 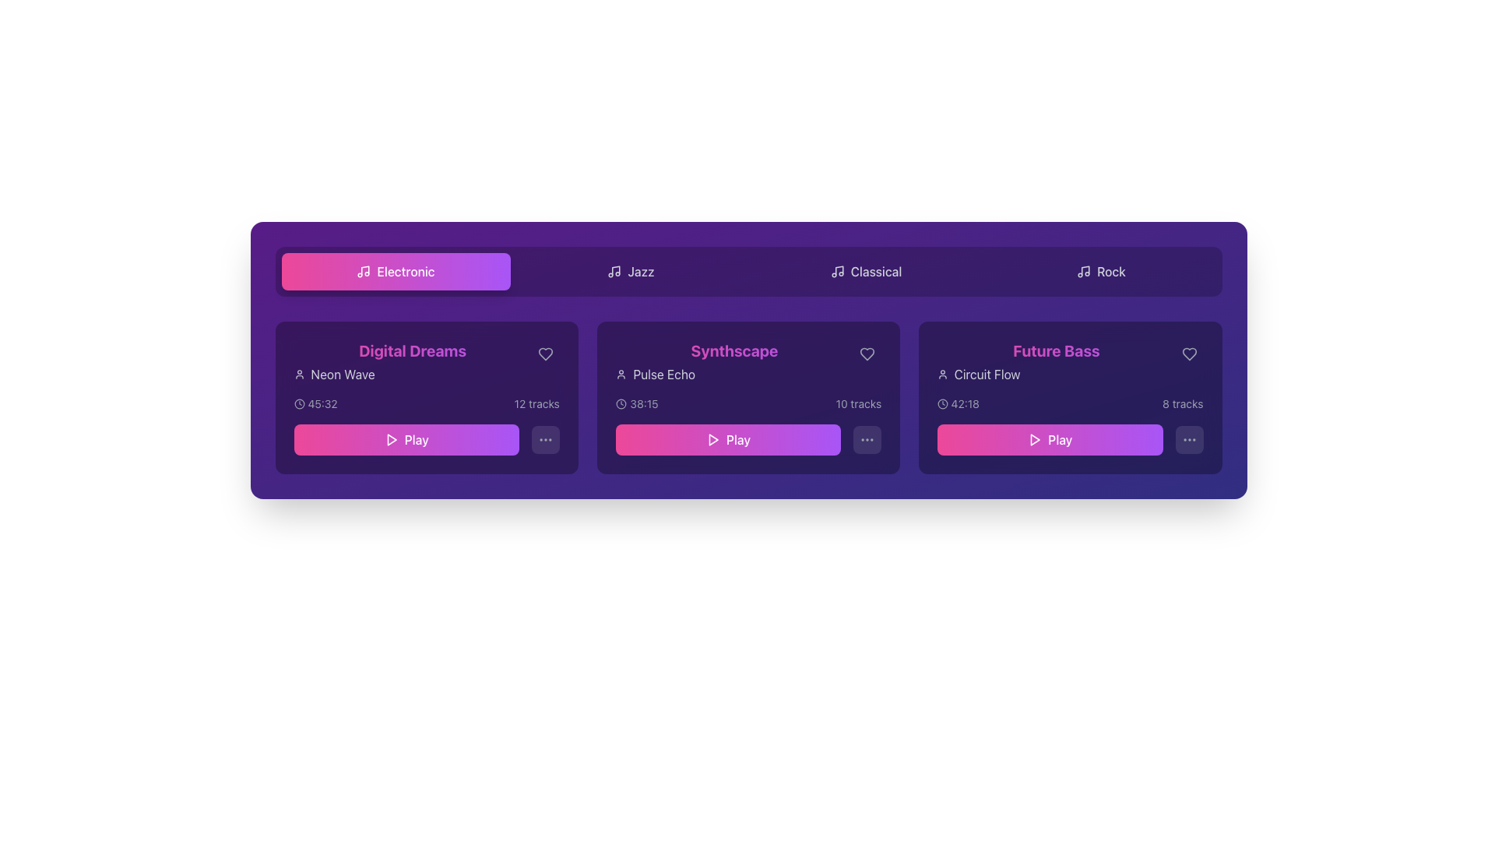 I want to click on the 'Electronic' genre button located at the top center of the interface, so click(x=396, y=270).